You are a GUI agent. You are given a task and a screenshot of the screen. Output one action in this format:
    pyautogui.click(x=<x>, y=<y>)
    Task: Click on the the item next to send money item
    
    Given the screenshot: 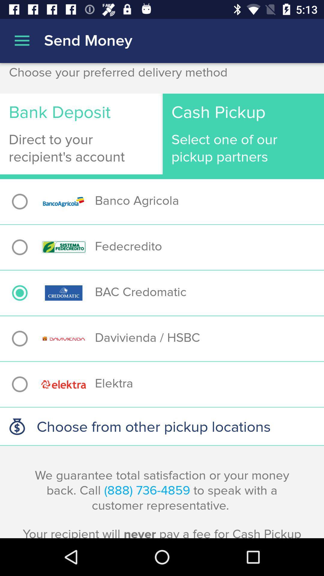 What is the action you would take?
    pyautogui.click(x=22, y=40)
    